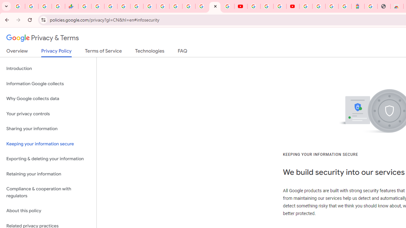 The image size is (406, 228). What do you see at coordinates (240, 6) in the screenshot?
I see `'YouTube'` at bounding box center [240, 6].